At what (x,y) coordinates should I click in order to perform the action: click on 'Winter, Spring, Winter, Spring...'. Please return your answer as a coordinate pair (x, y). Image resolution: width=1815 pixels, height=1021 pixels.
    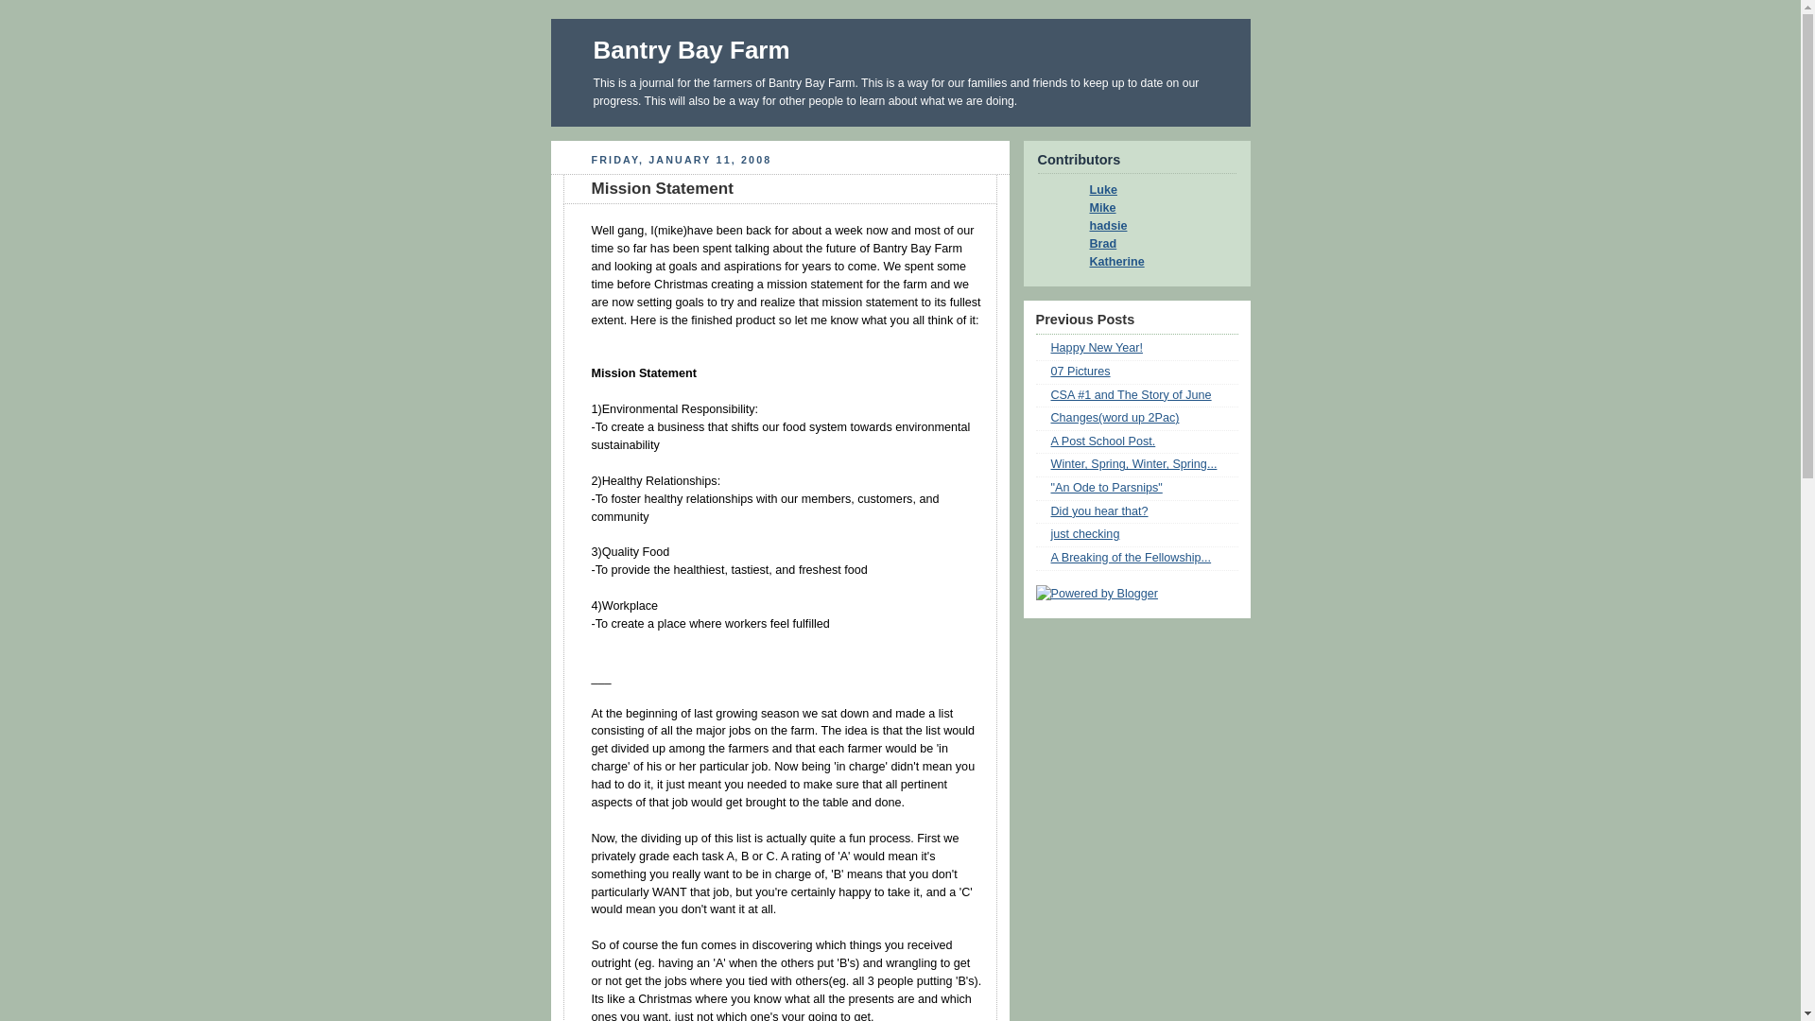
    Looking at the image, I should click on (1134, 463).